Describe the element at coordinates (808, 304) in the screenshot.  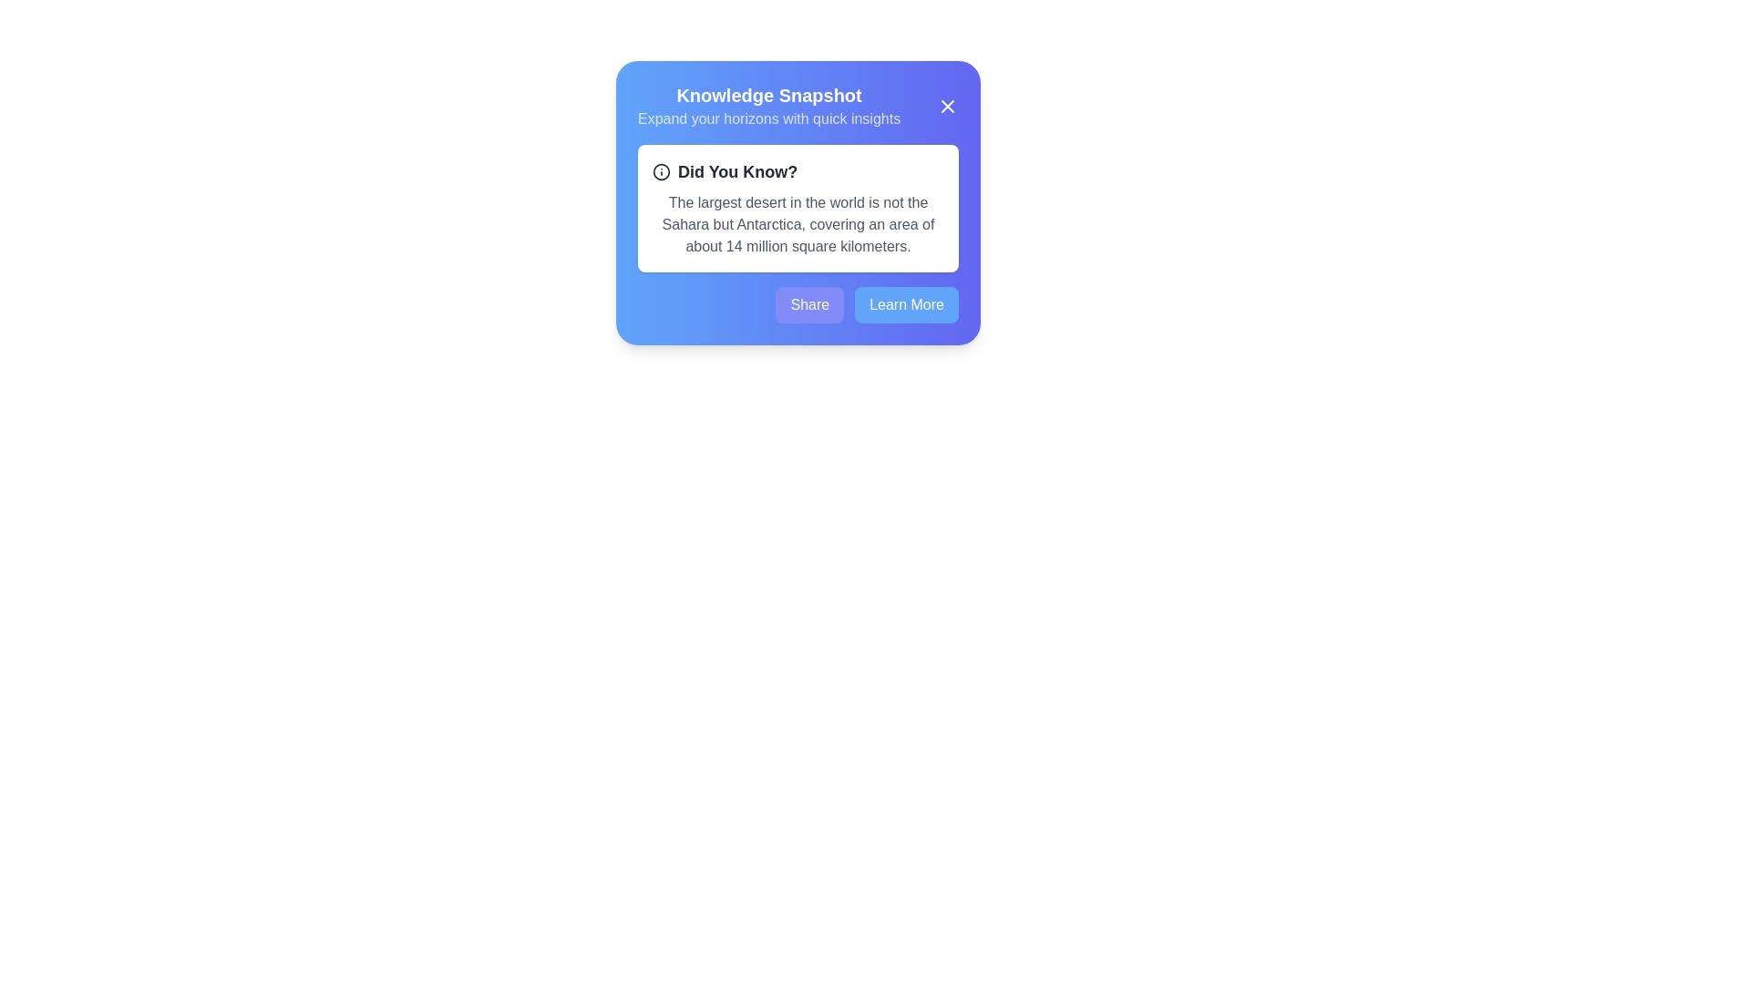
I see `the 'Share' button with rounded corners and a purple background located at the bottom-right of the Knowledge Snapshot dialog box to initiate sharing` at that location.